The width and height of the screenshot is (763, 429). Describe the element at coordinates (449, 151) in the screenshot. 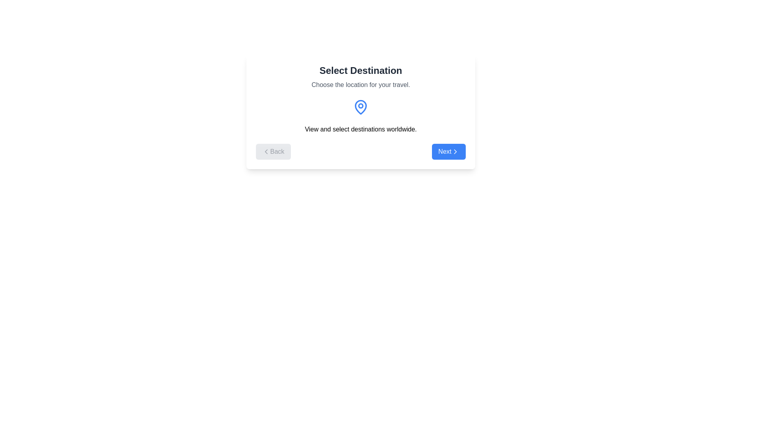

I see `the 'Next' button, which is a rectangular button with a blue background and white text, featuring rounded corners and a right-pointing chevron icon, located in the bottom-right corner of the content area` at that location.